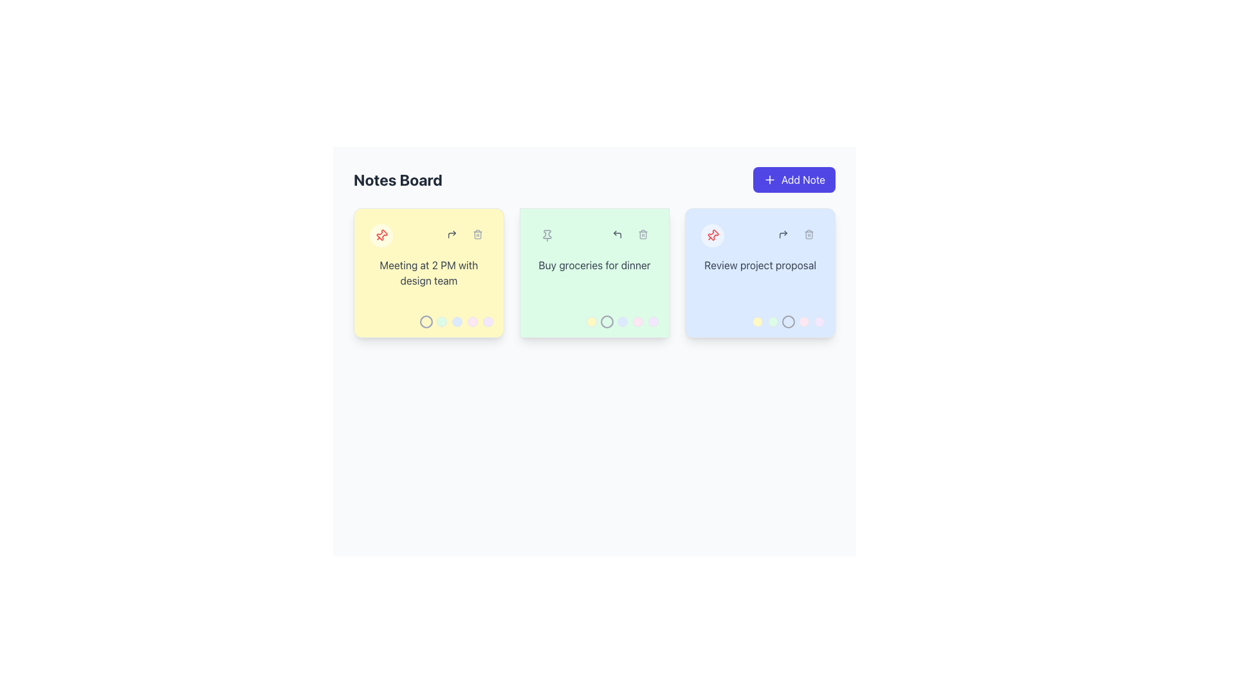  What do you see at coordinates (381, 235) in the screenshot?
I see `the button located in the top-left corner of the first note widget to pin or unpin the associated note for emphasis or priority` at bounding box center [381, 235].